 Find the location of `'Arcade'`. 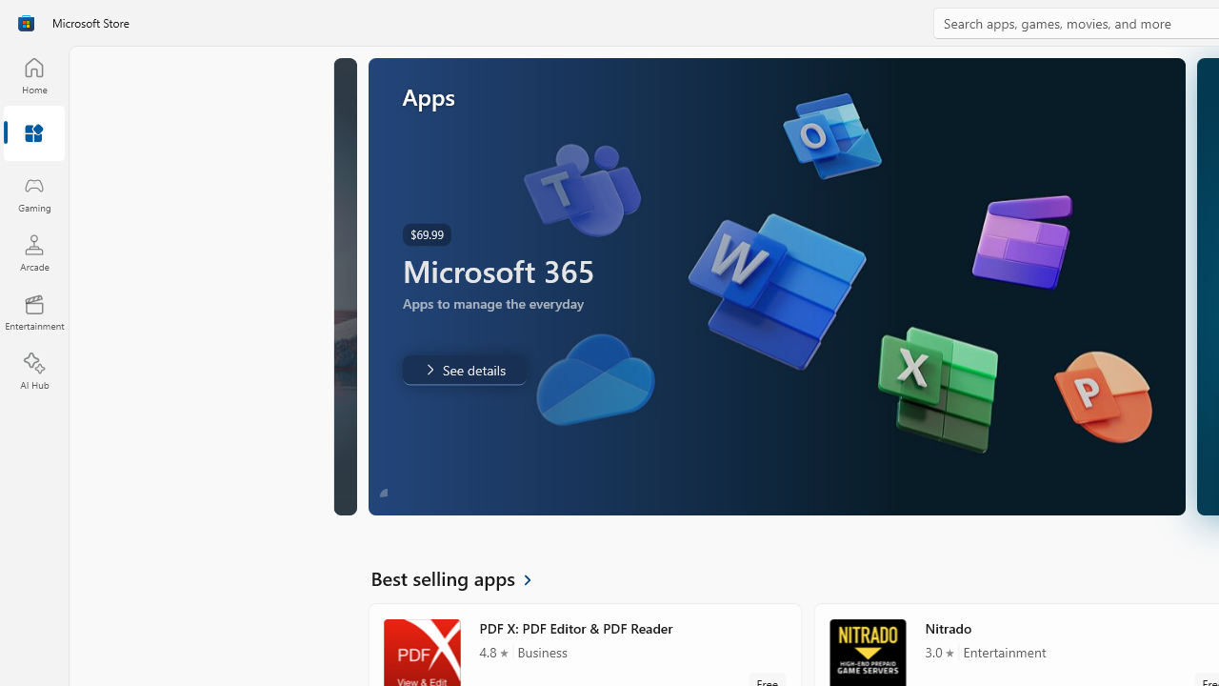

'Arcade' is located at coordinates (33, 252).